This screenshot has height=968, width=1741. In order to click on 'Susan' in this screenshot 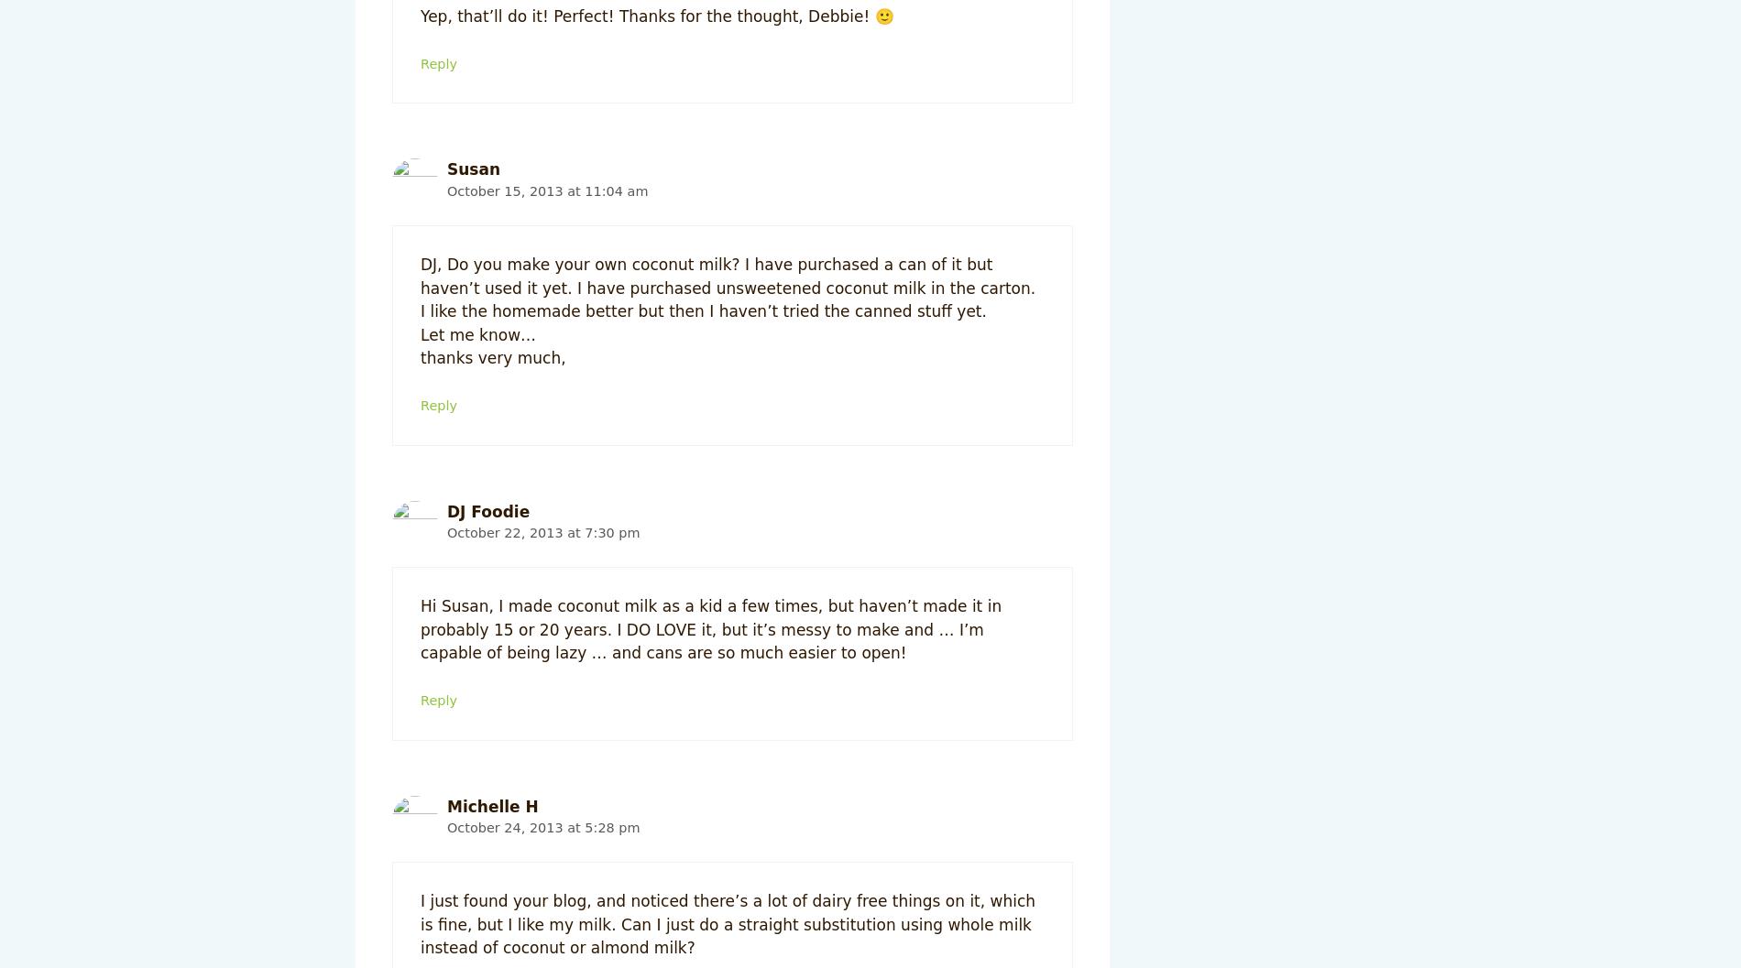, I will do `click(473, 169)`.